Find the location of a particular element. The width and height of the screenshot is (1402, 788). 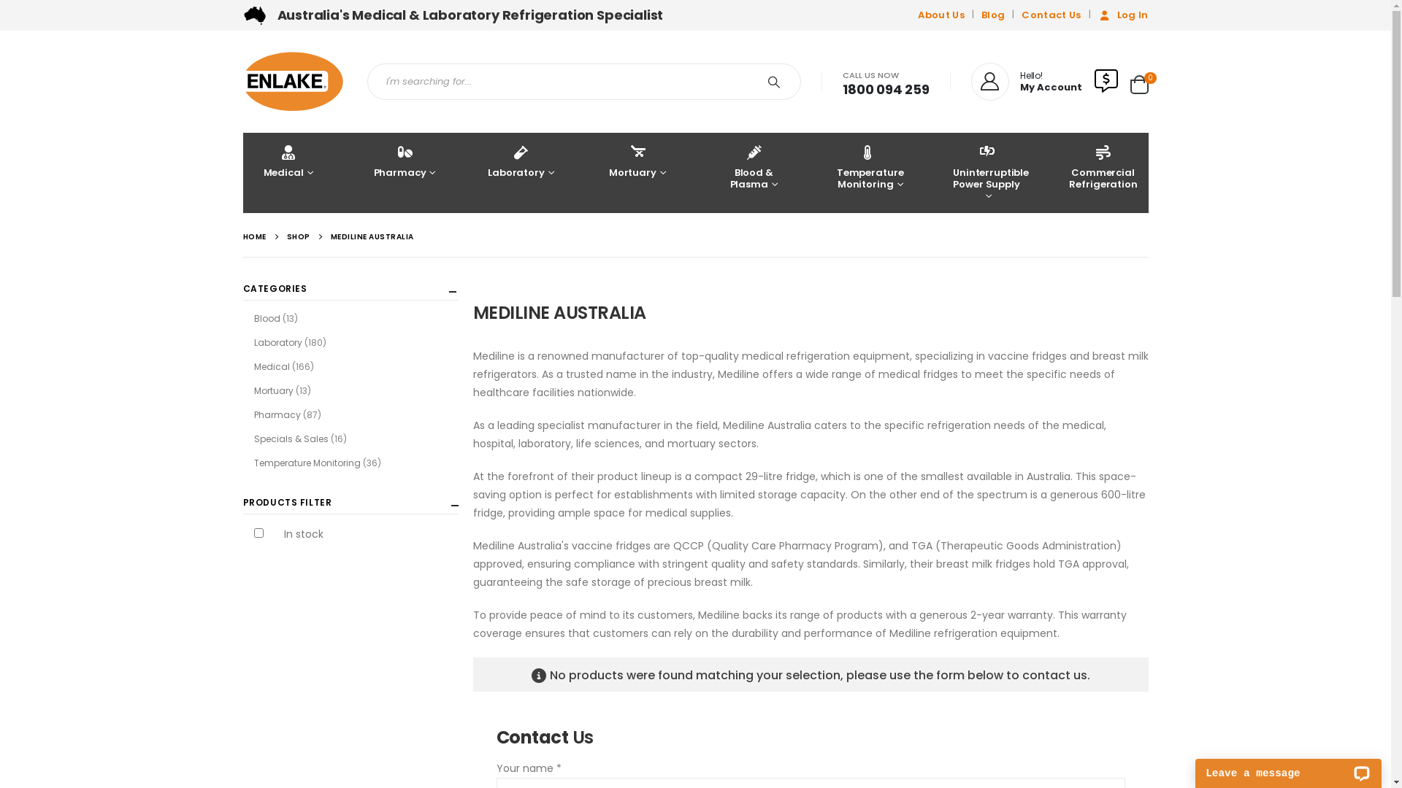

'Hello! is located at coordinates (1026, 81).